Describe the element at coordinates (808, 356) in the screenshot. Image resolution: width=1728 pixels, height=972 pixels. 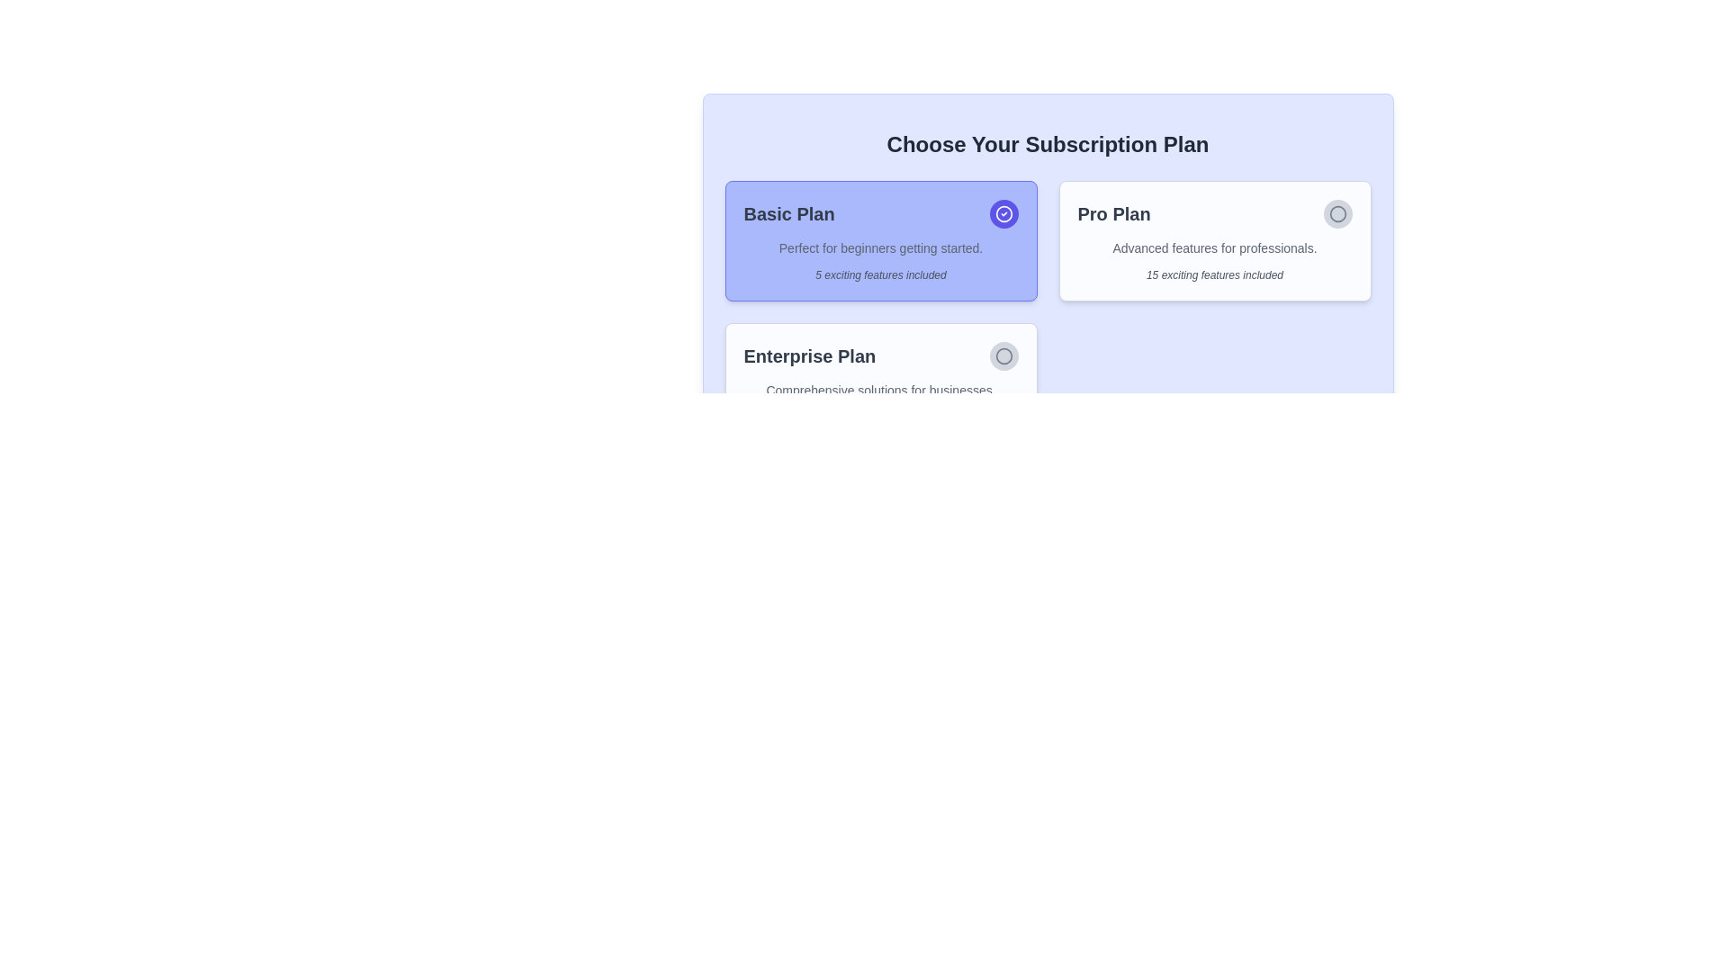
I see `the 'Enterprise Plan' title text label located at the top-left corner of the subscription plan card` at that location.